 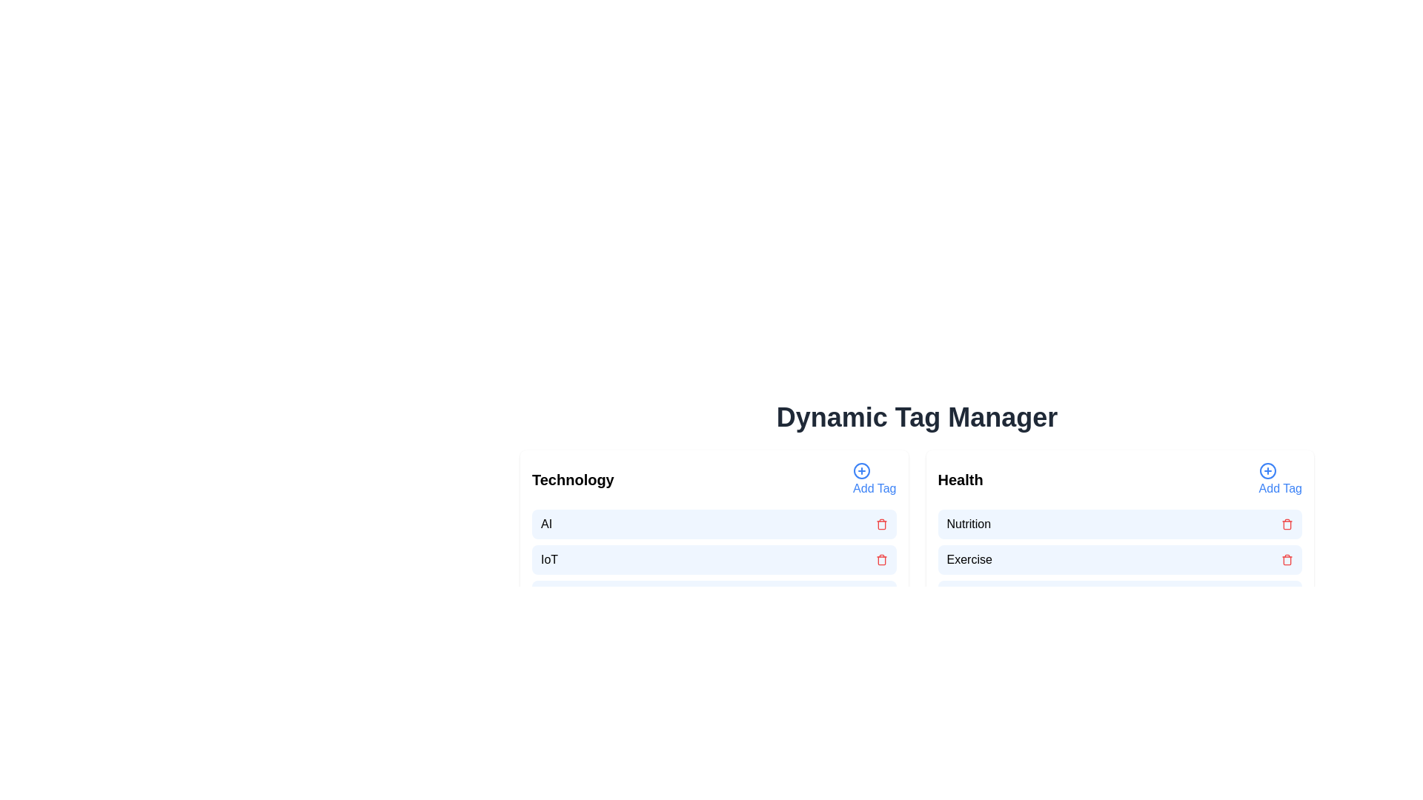 What do you see at coordinates (1120, 560) in the screenshot?
I see `the 'Exercise' list item in the 'Health' section` at bounding box center [1120, 560].